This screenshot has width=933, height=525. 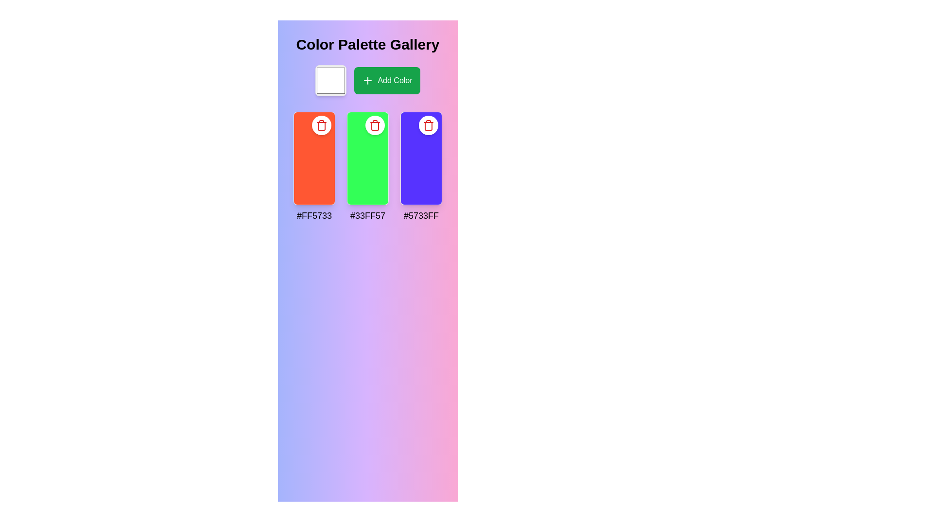 What do you see at coordinates (367, 215) in the screenshot?
I see `the text element displaying '#33FF57', which is centered below the green color palette item in the UI` at bounding box center [367, 215].